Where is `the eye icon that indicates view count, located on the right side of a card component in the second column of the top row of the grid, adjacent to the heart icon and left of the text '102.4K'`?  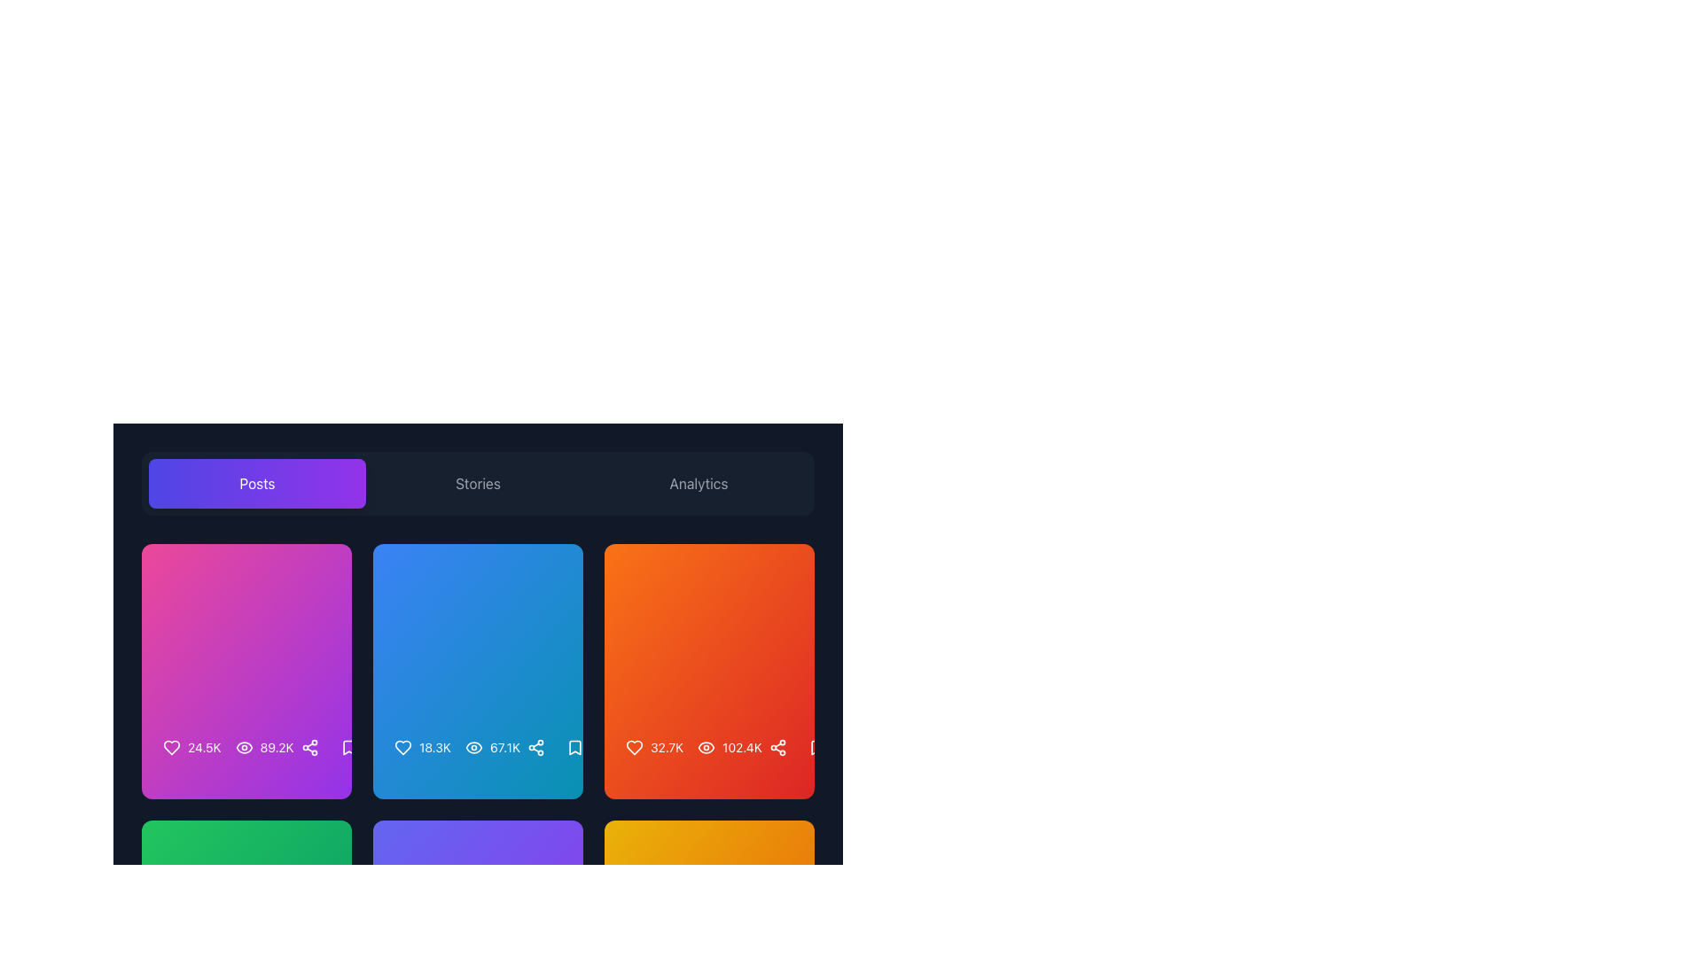
the eye icon that indicates view count, located on the right side of a card component in the second column of the top row of the grid, adjacent to the heart icon and left of the text '102.4K' is located at coordinates (706, 748).